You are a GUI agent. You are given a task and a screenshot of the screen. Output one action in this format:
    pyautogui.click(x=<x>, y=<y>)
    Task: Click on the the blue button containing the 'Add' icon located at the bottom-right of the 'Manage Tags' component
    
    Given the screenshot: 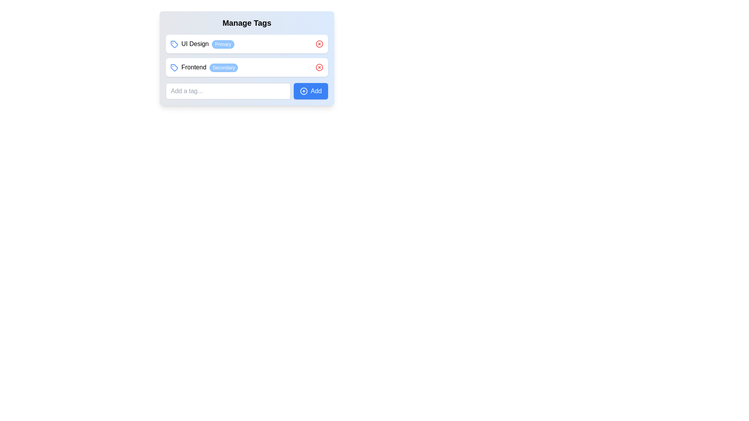 What is the action you would take?
    pyautogui.click(x=303, y=91)
    